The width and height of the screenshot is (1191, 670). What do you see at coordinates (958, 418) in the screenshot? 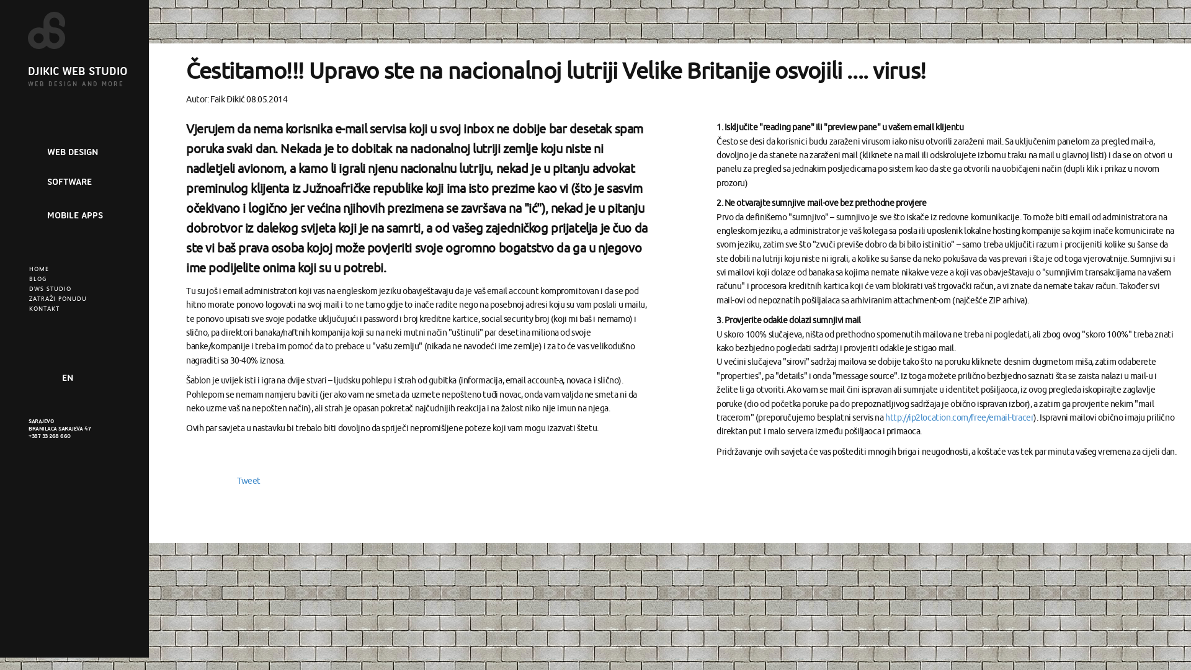
I see `'http://ip2location.com/free/email-tracer'` at bounding box center [958, 418].